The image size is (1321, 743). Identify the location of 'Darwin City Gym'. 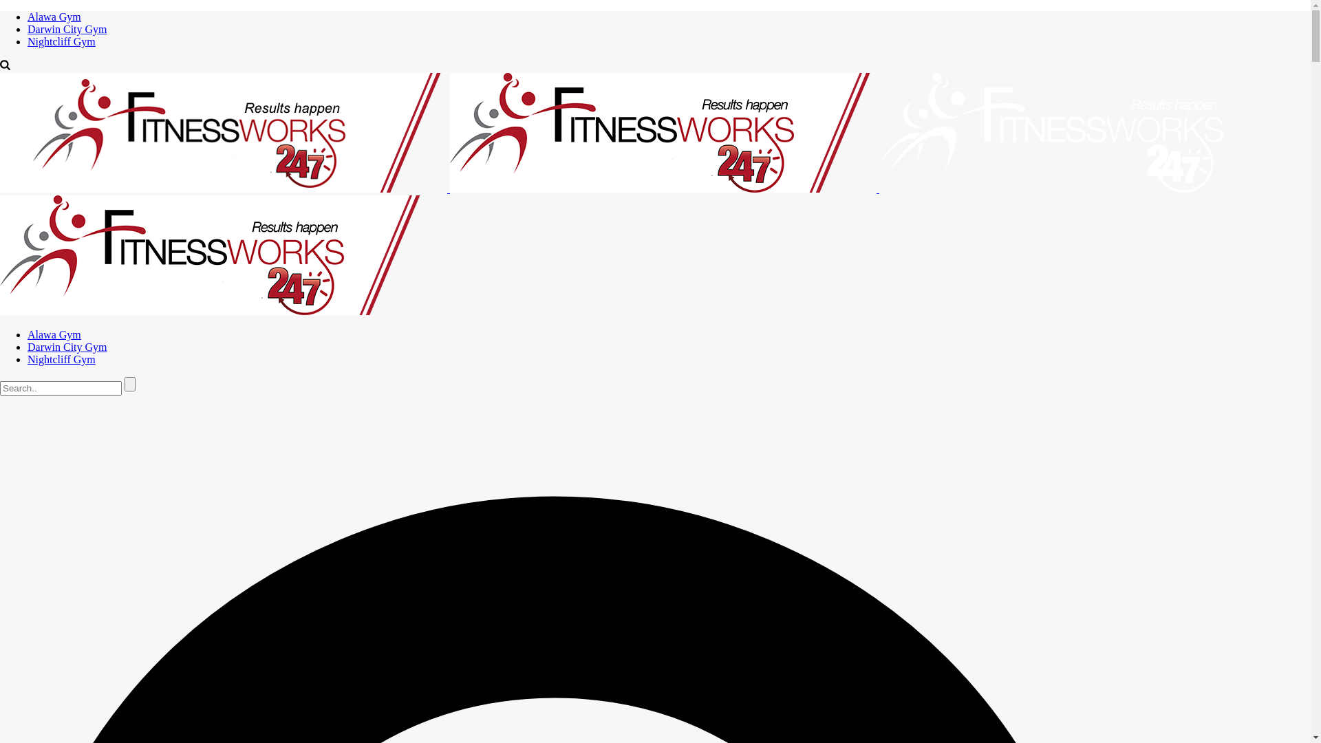
(66, 29).